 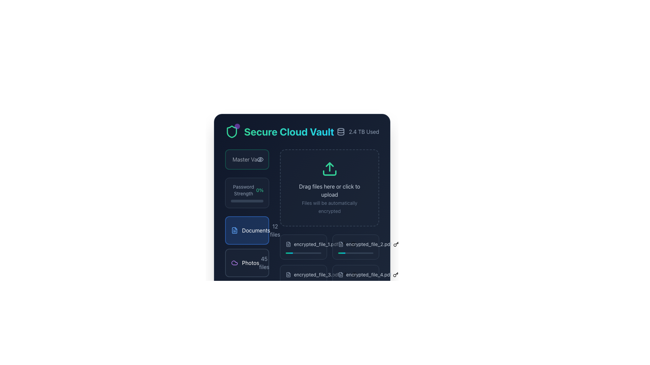 I want to click on the Text display label that shows the filename of the uploaded or stored file, located at the bottom right of the interface beneath the 'Documents' section, so click(x=368, y=275).